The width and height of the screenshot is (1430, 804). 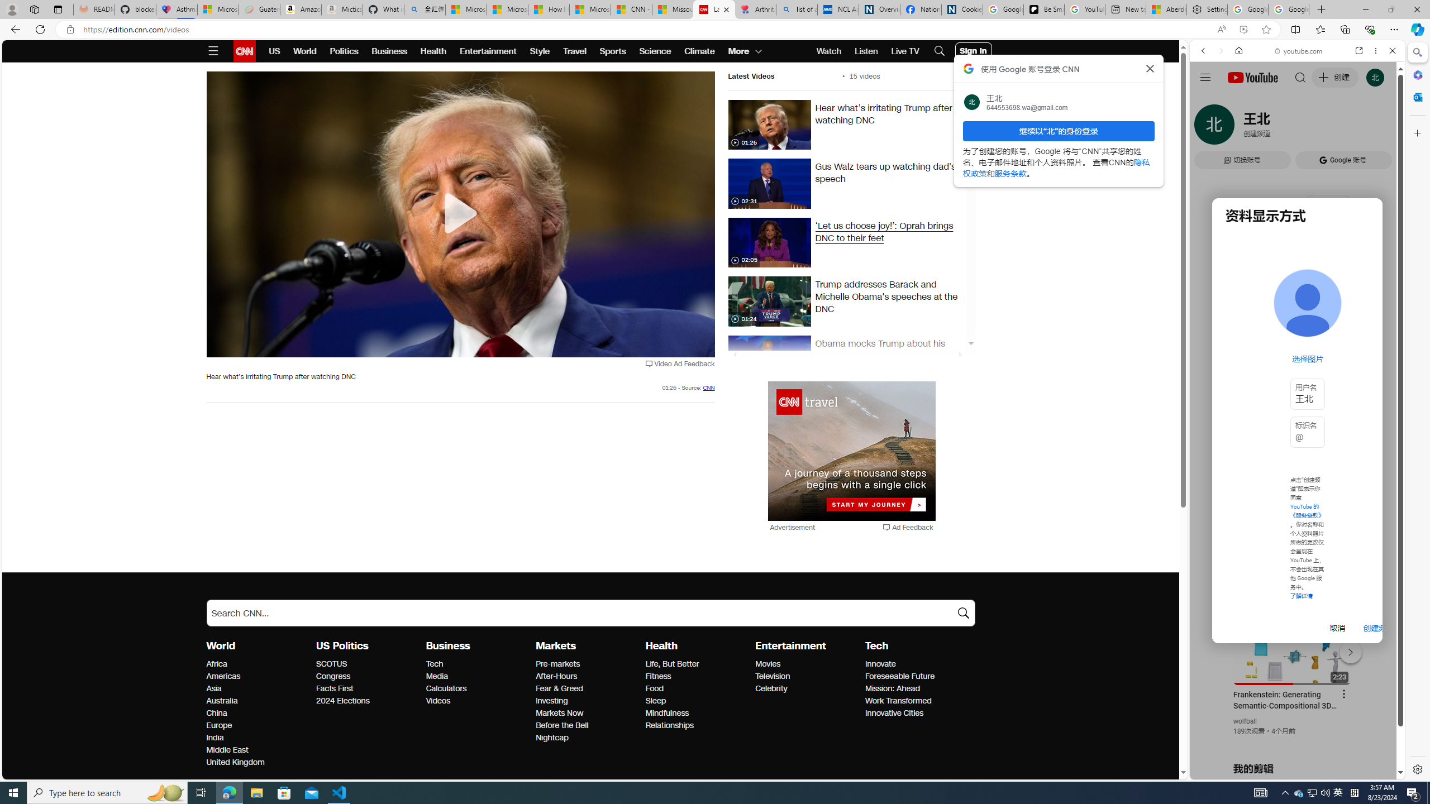 I want to click on 'Pre-markets', so click(x=587, y=664).